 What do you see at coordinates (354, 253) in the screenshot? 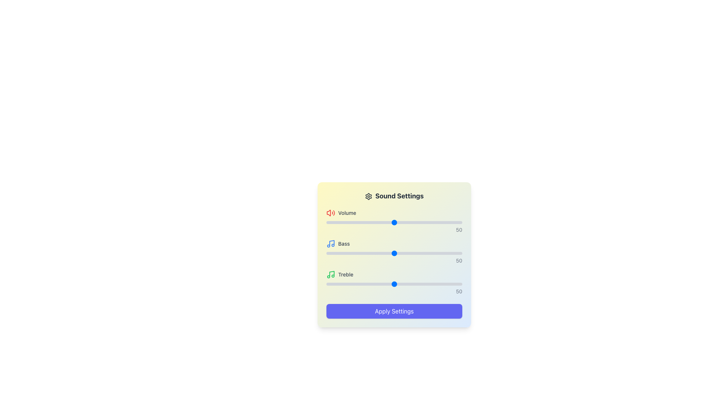
I see `the bass level` at bounding box center [354, 253].